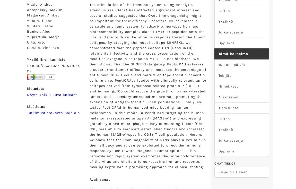 Image resolution: width=296 pixels, height=189 pixels. What do you see at coordinates (218, 108) in the screenshot?
I see `'Tiedekunta'` at bounding box center [218, 108].